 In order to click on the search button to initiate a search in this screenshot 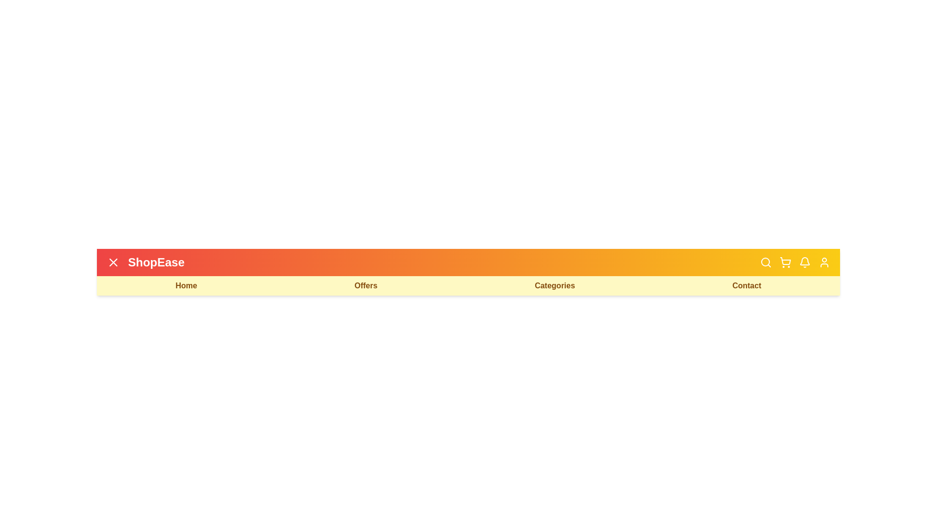, I will do `click(766, 262)`.